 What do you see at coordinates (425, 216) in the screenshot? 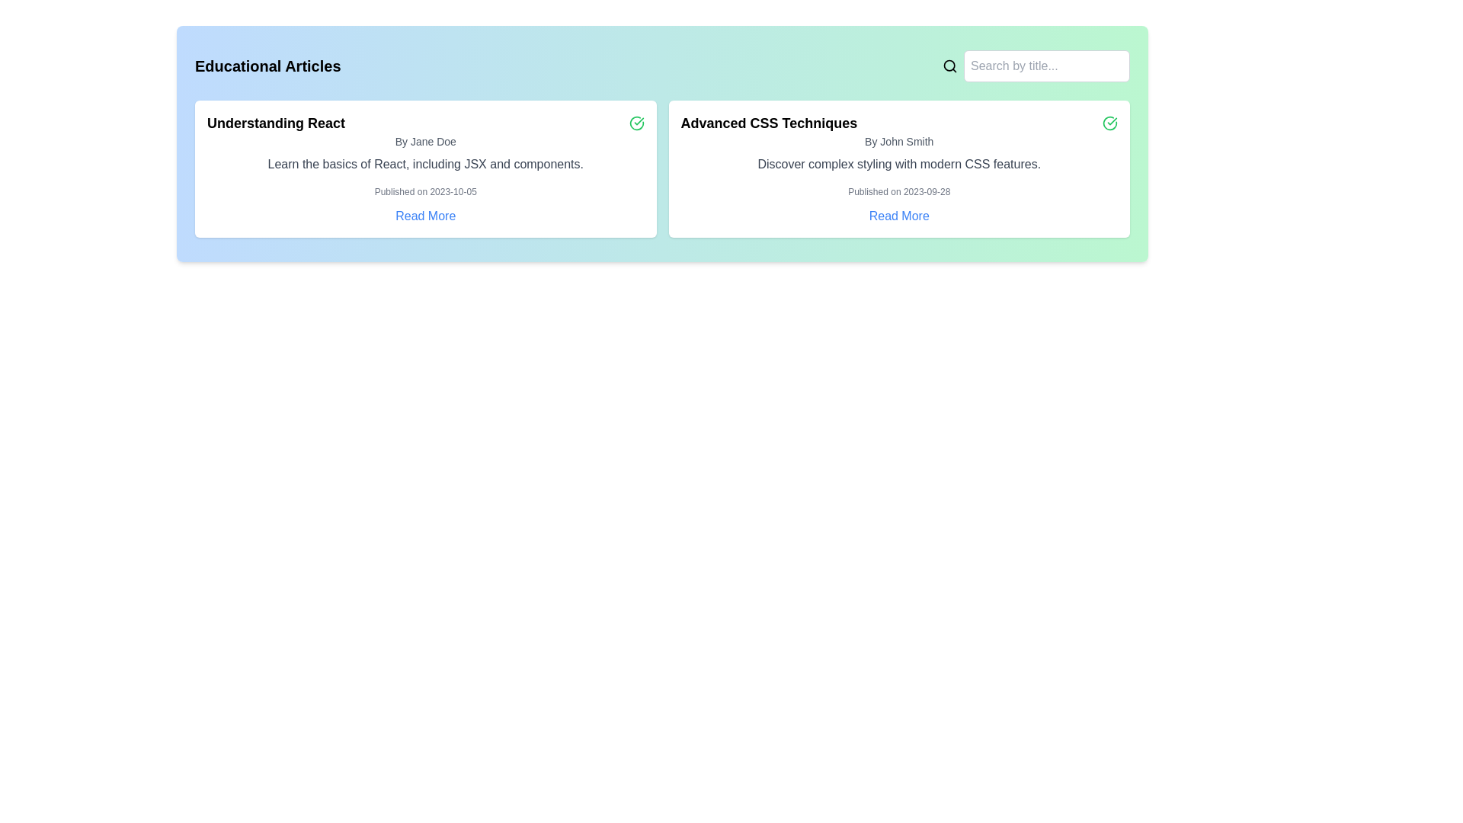
I see `the link at the bottom of the card titled 'Understanding React' to change its color` at bounding box center [425, 216].